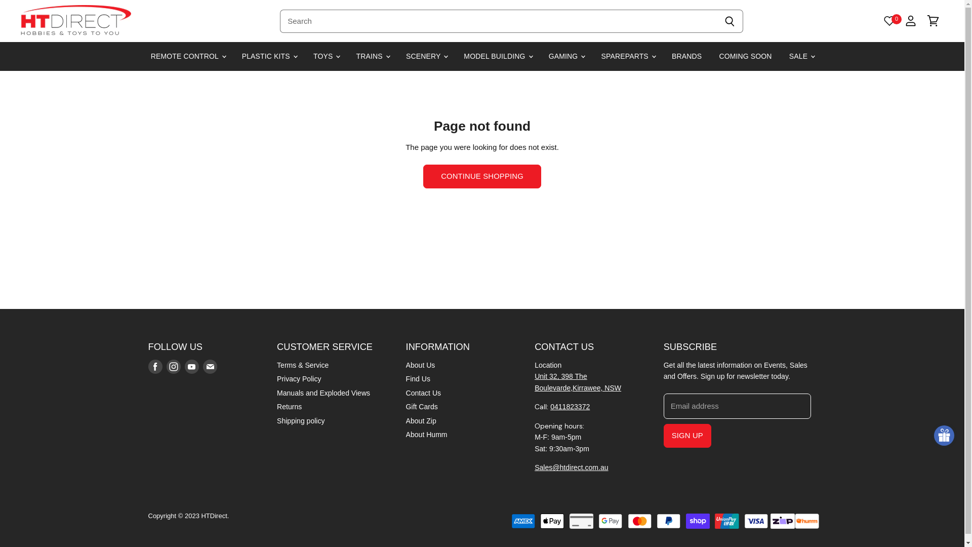  I want to click on 'TOYS', so click(326, 56).